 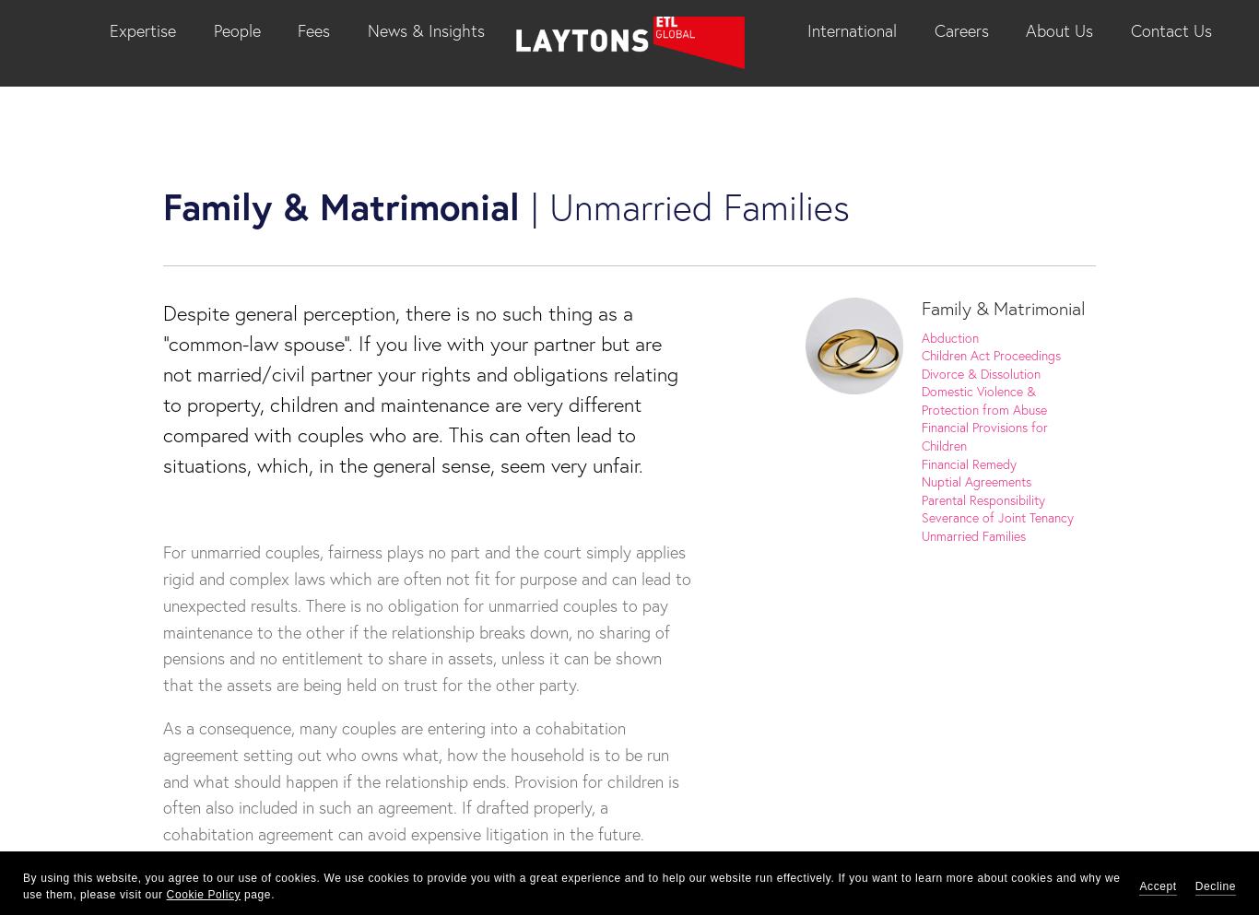 I want to click on 'Parental Responsibility', so click(x=982, y=498).